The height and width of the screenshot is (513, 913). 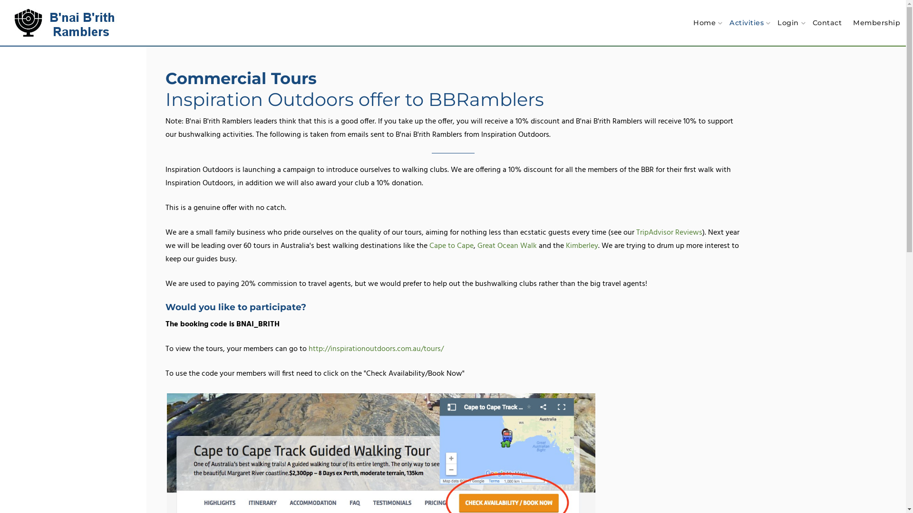 What do you see at coordinates (506, 245) in the screenshot?
I see `'Great Ocean Walk'` at bounding box center [506, 245].